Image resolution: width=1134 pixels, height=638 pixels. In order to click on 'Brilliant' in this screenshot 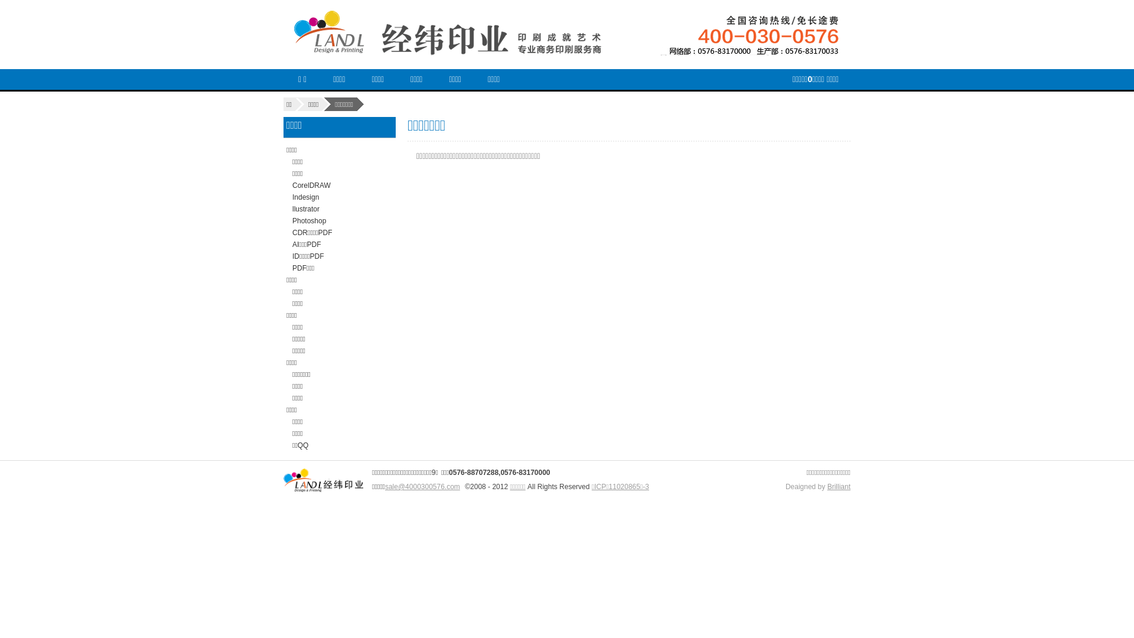, I will do `click(838, 487)`.